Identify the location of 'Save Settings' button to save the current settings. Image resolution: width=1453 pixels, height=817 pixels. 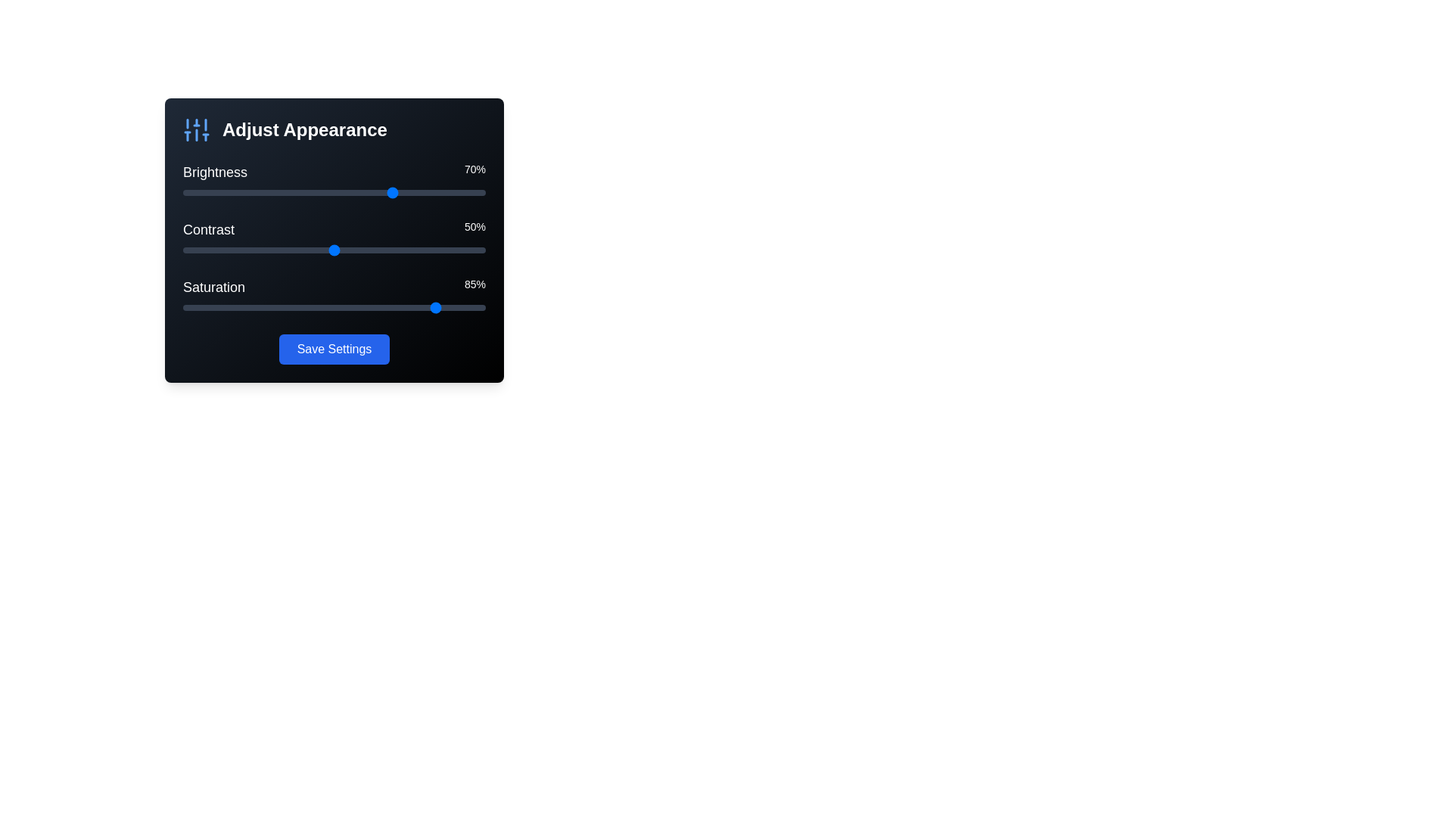
(333, 349).